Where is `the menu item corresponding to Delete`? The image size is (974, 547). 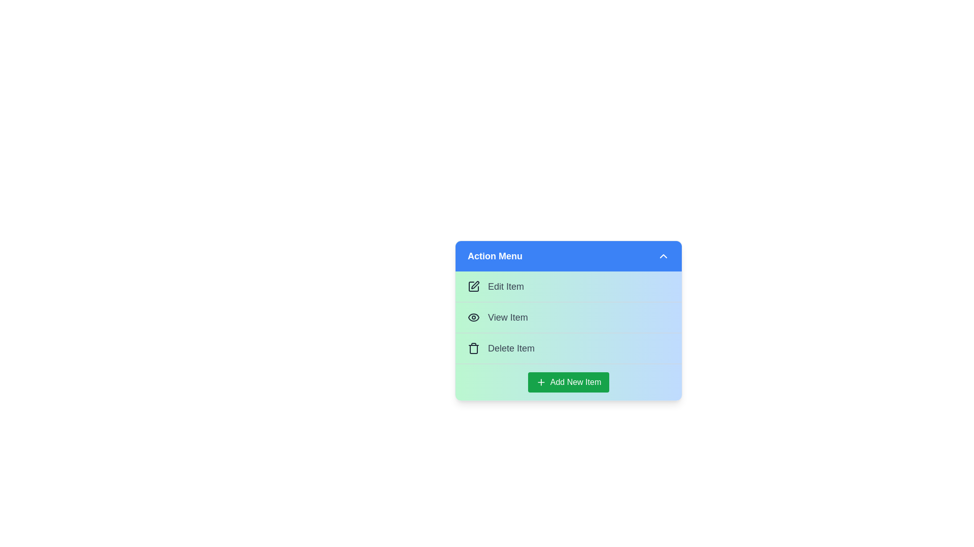
the menu item corresponding to Delete is located at coordinates (569, 347).